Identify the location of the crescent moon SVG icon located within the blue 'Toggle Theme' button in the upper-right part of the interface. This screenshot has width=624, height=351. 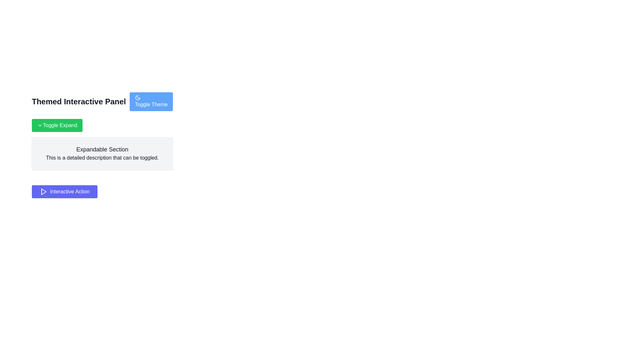
(137, 97).